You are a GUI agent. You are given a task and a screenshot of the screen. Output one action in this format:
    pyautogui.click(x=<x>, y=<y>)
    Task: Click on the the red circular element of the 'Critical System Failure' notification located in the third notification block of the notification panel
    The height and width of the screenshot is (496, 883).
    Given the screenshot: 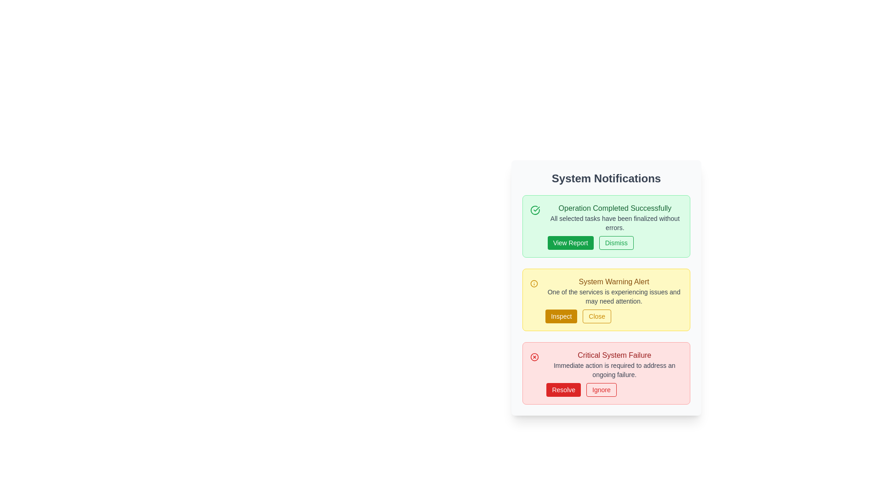 What is the action you would take?
    pyautogui.click(x=534, y=357)
    